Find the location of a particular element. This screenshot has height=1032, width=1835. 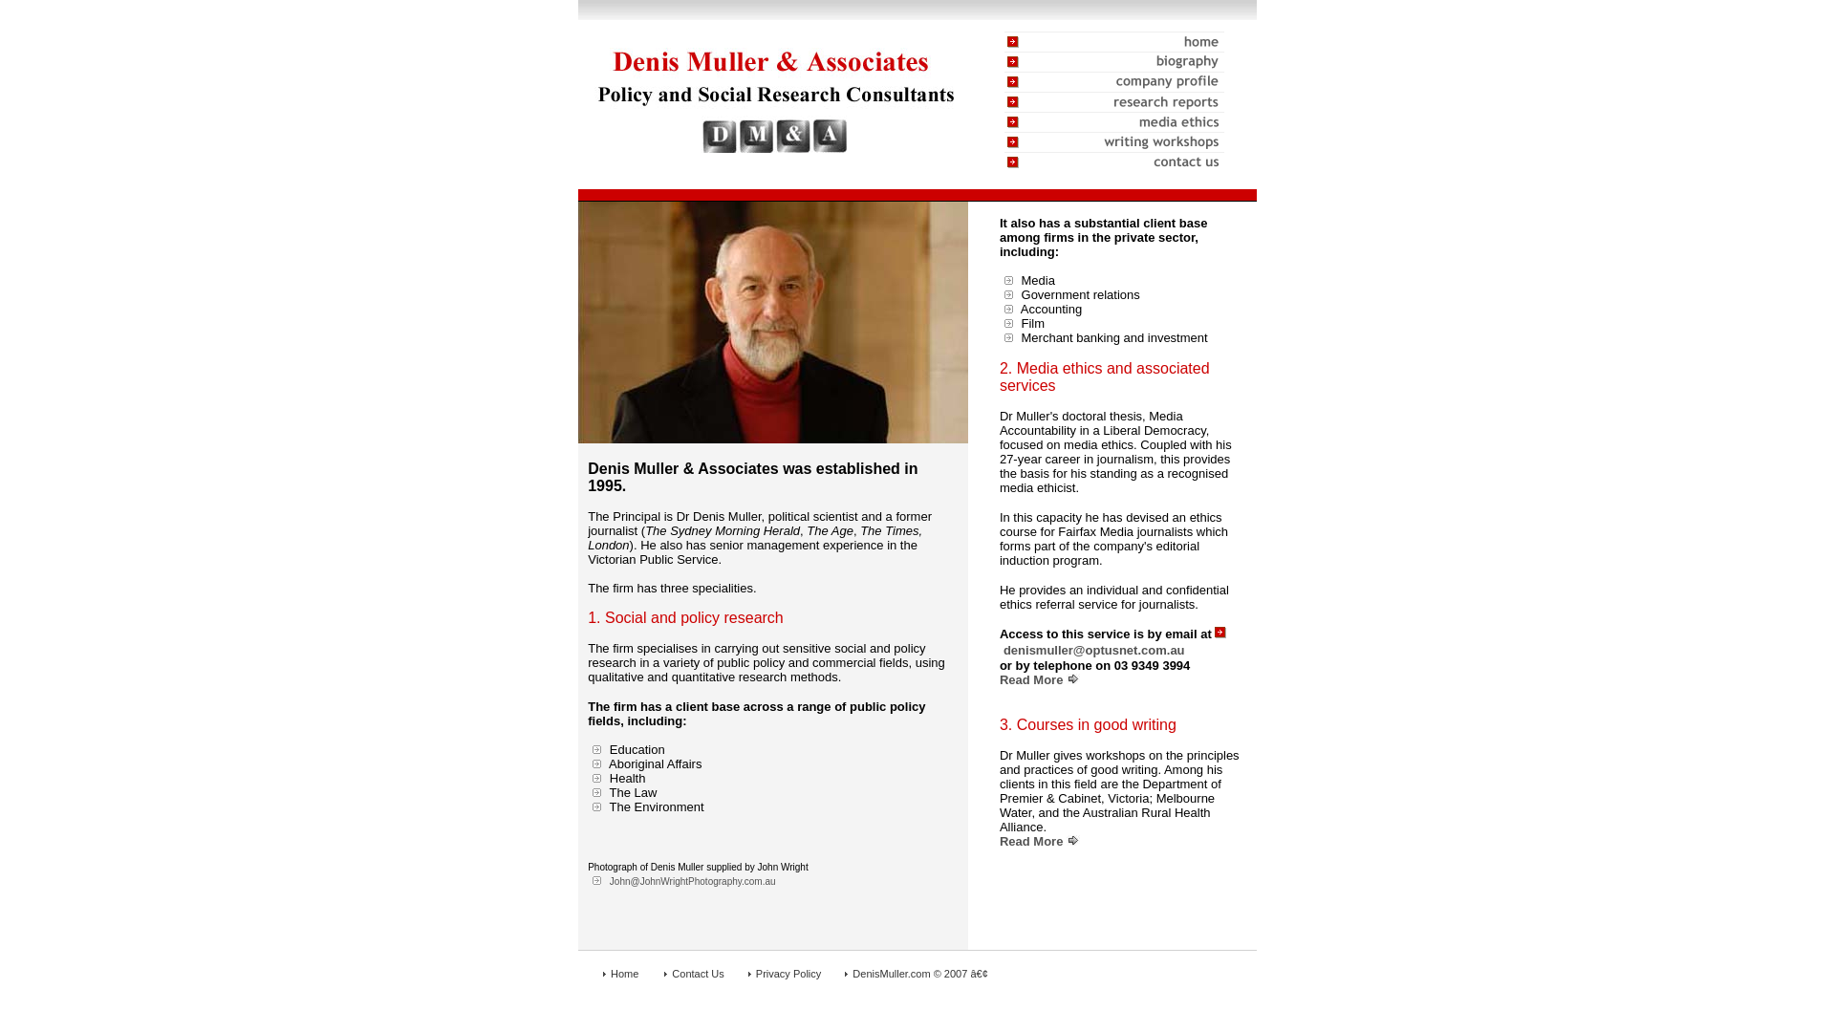

'denismuller@optusnet.com.au' is located at coordinates (1094, 650).